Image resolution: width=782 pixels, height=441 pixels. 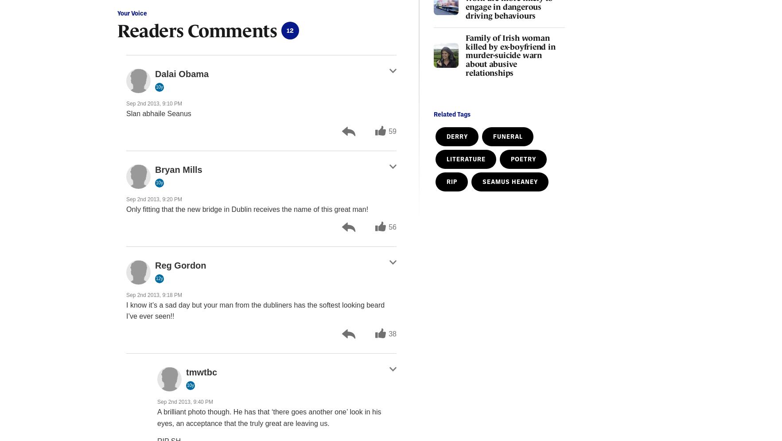 I want to click on 'Readers Comments', so click(x=196, y=29).